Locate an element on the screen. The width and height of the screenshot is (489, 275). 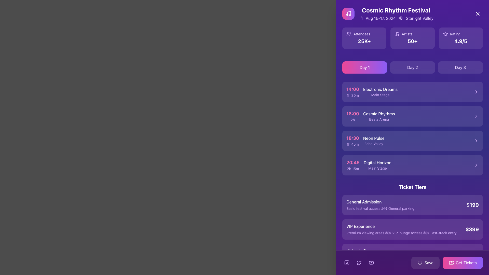
the text label representing the second day's schedule in the event details interface is located at coordinates (413, 67).